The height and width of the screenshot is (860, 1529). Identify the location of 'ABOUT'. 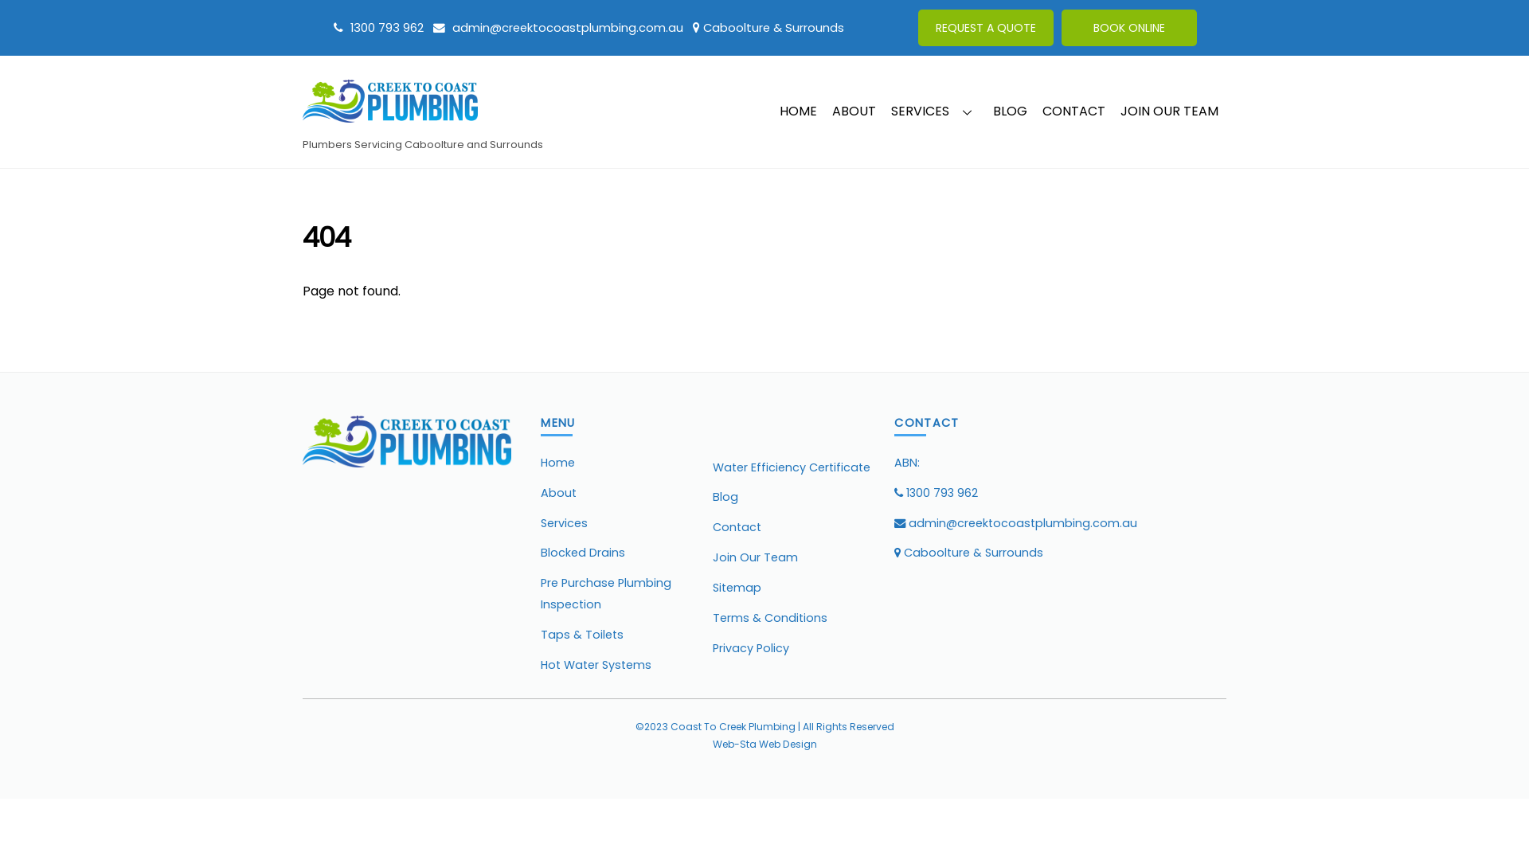
(854, 111).